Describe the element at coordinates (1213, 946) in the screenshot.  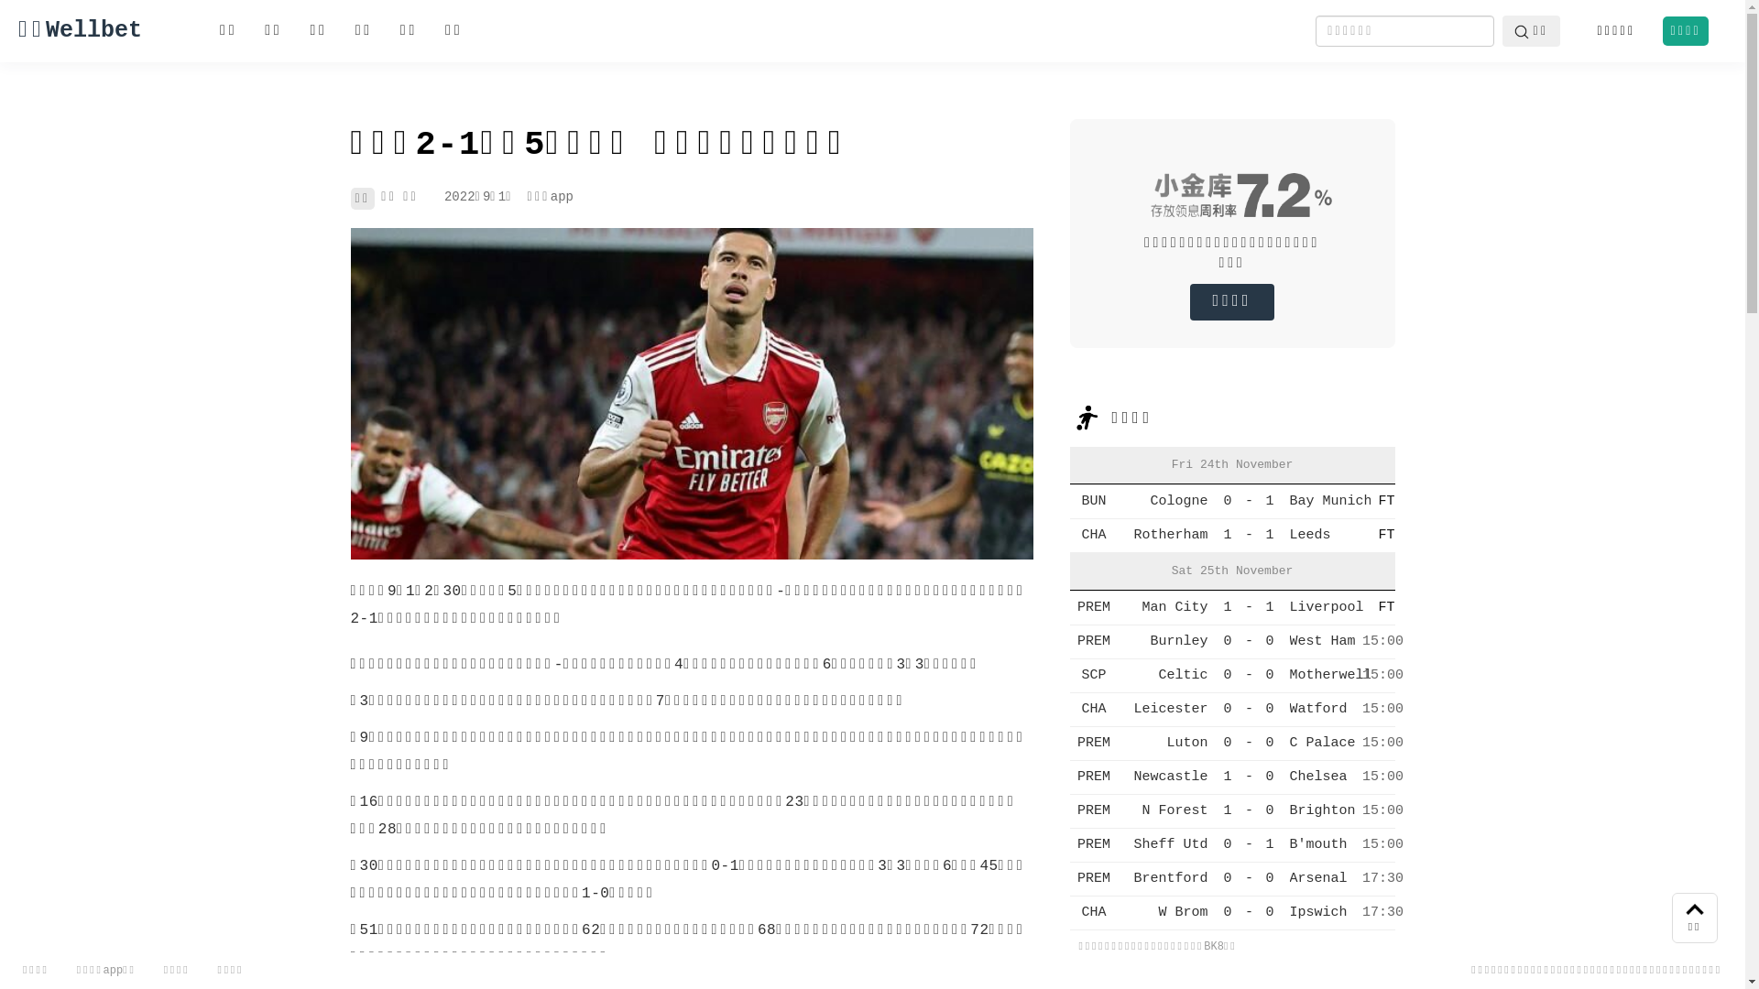
I see `'BK8'` at that location.